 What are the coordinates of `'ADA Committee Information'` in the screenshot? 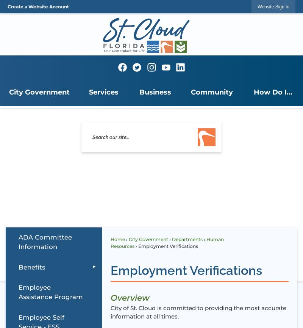 It's located at (18, 241).